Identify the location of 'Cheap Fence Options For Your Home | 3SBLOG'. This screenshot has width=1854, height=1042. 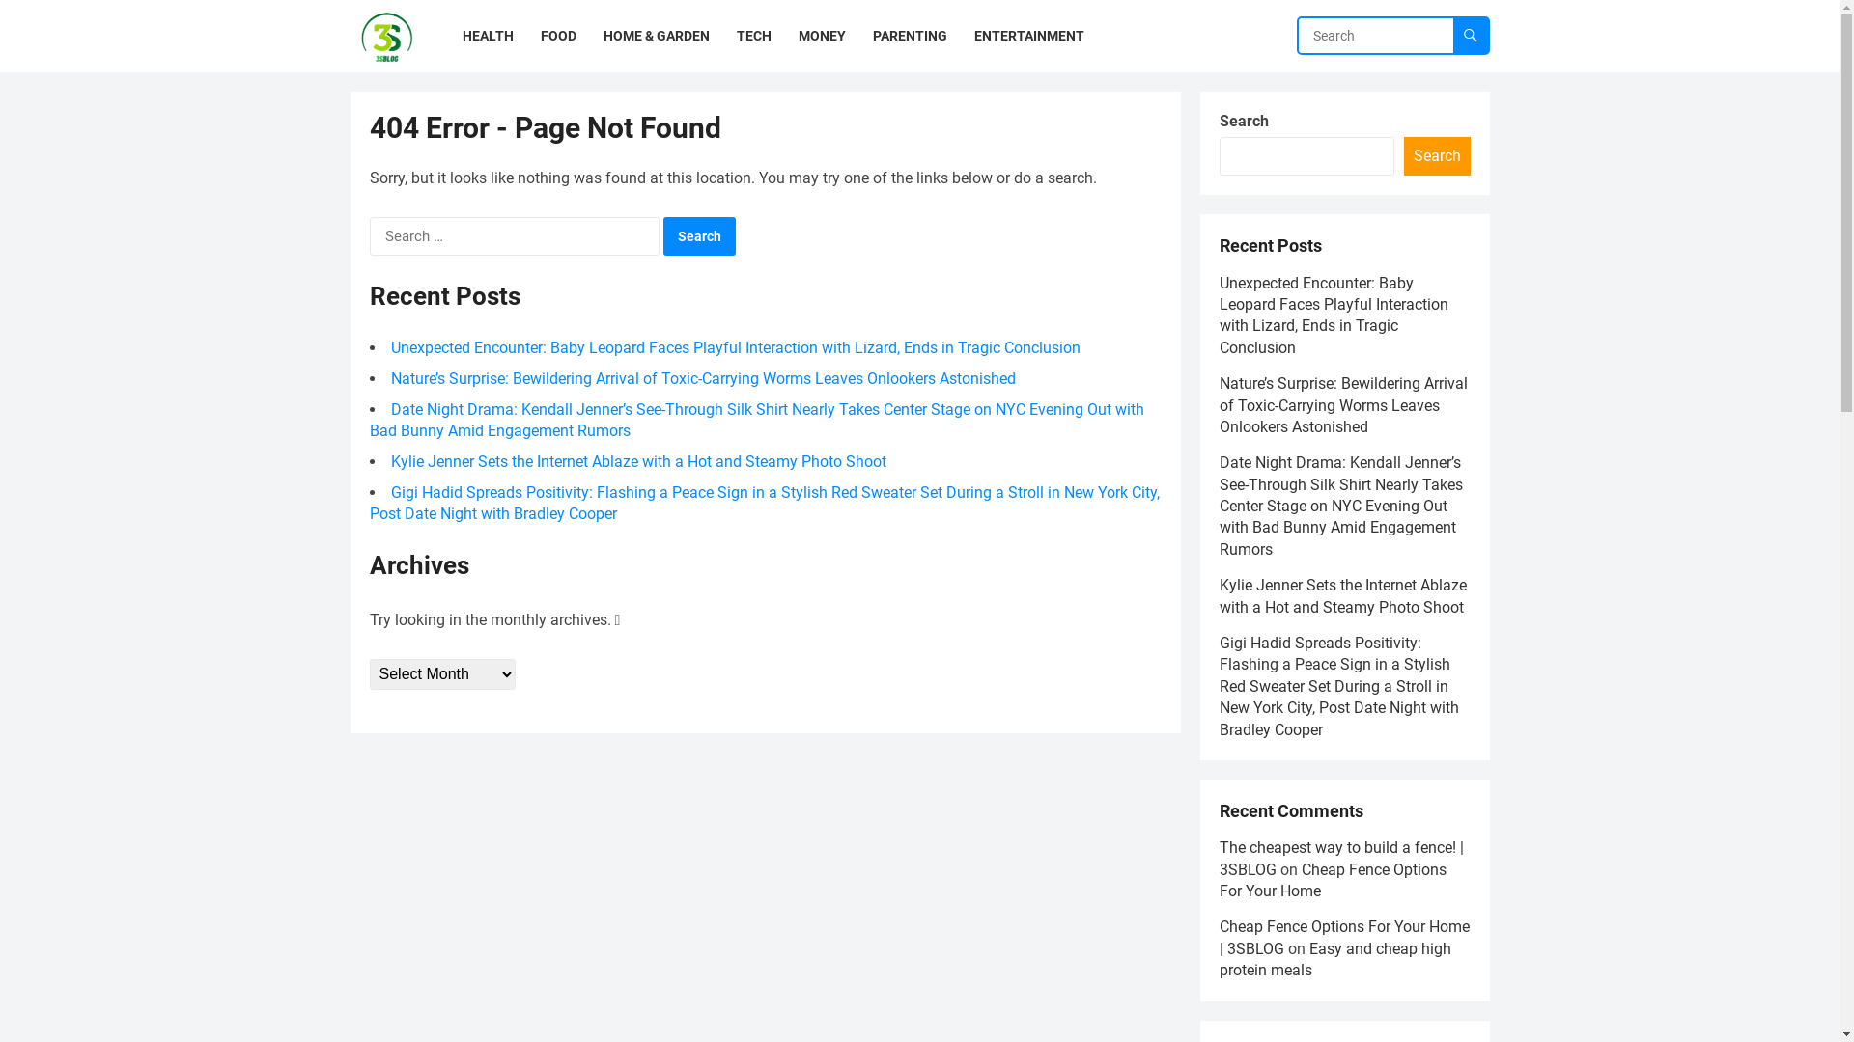
(1342, 936).